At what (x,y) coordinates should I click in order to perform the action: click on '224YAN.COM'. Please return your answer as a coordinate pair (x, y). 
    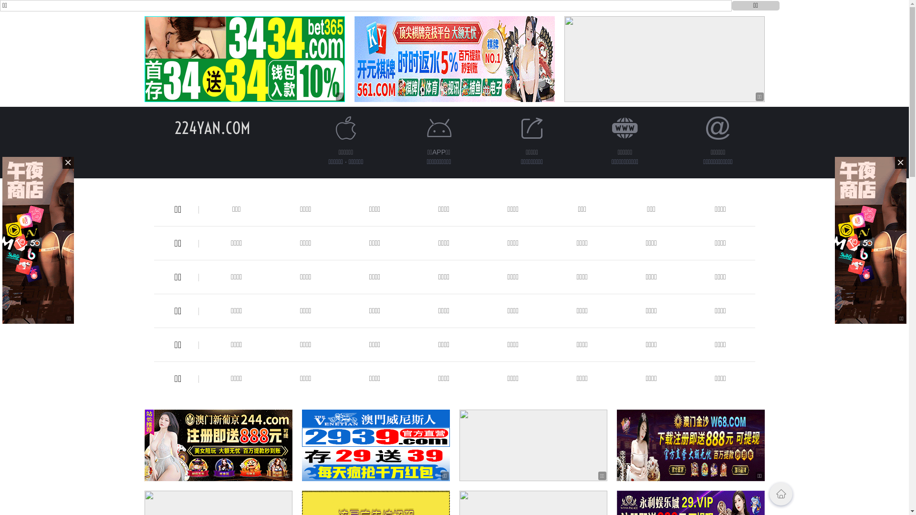
    Looking at the image, I should click on (212, 127).